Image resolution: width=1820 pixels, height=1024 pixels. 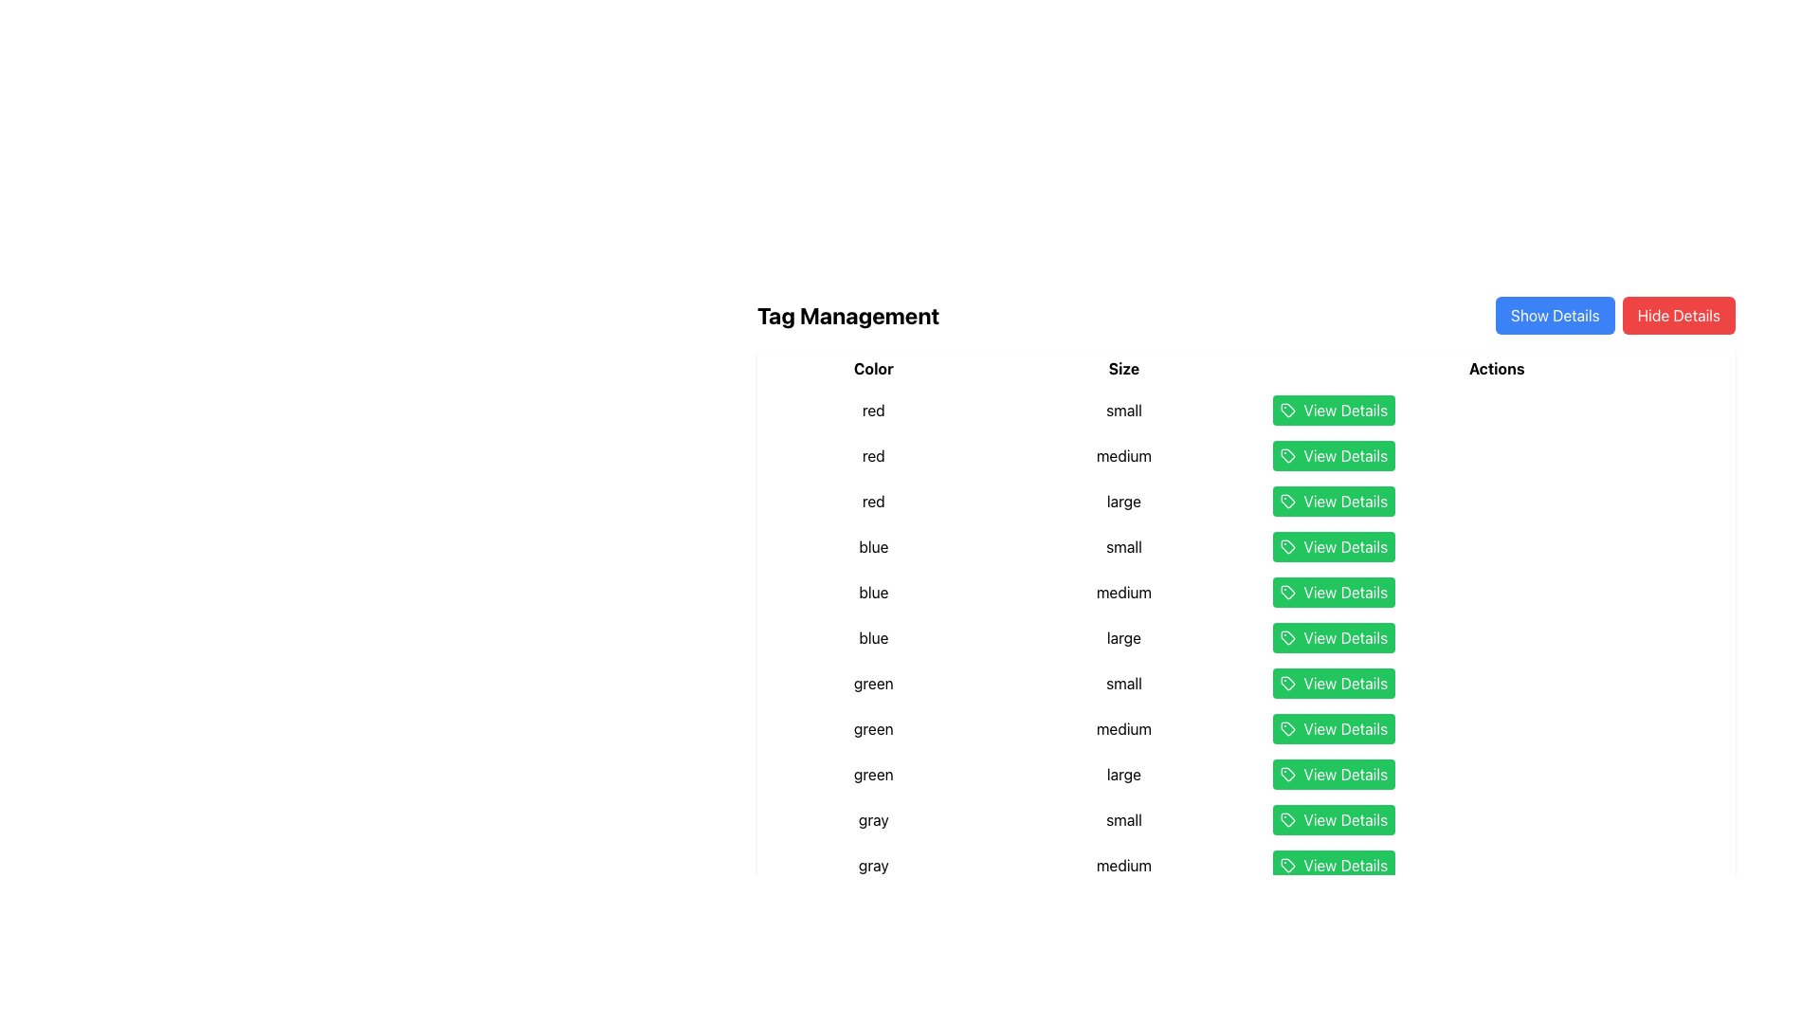 I want to click on the decorative icon within the green 'View Details' button located in the eighth row of the 'Actions' column, so click(x=1287, y=726).